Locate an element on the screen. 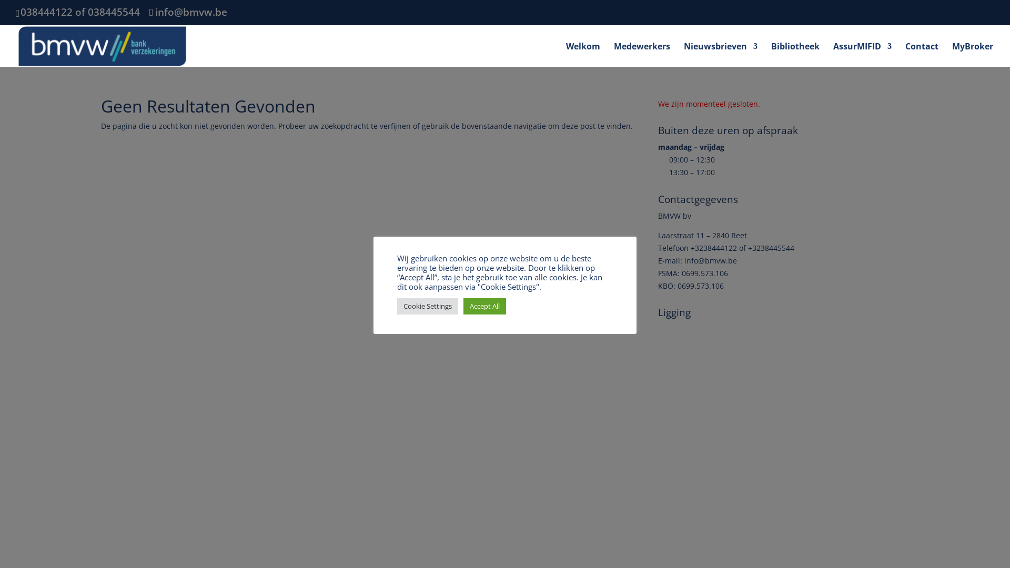 The height and width of the screenshot is (568, 1010). 'Medewerkers' is located at coordinates (613, 54).